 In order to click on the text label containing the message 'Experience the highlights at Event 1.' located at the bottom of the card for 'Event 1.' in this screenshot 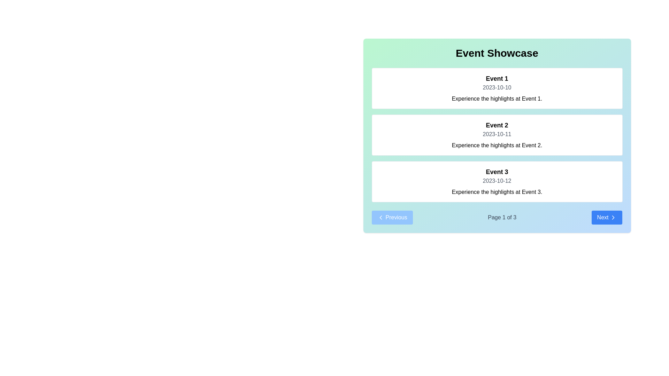, I will do `click(497, 99)`.